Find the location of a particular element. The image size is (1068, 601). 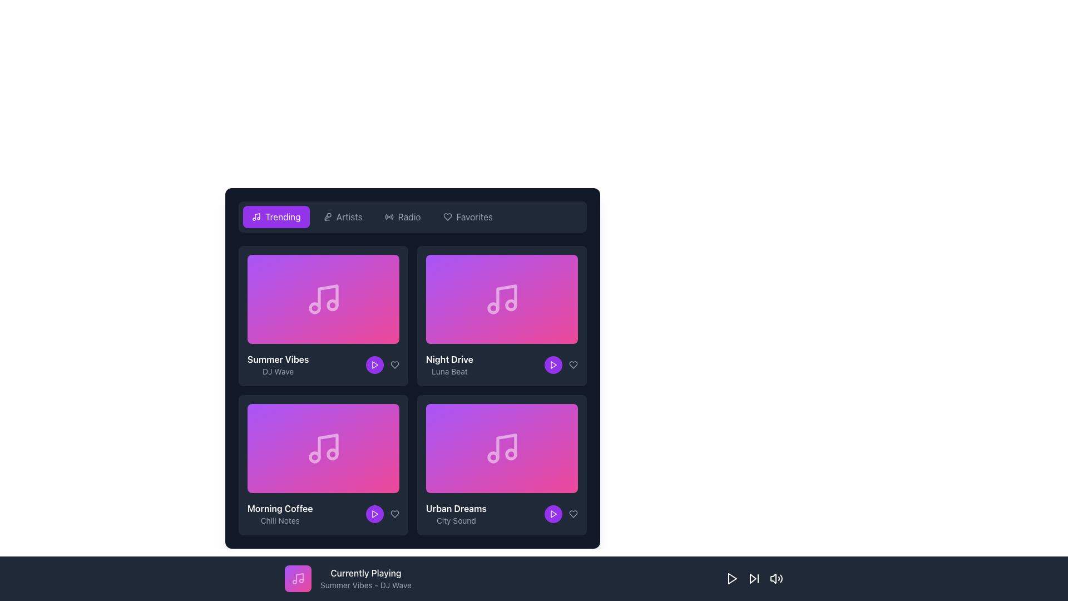

the triangular play icon within the purple circular button located in the lower-left corner of the 'Morning Coffee' song card to play the song is located at coordinates (375, 514).